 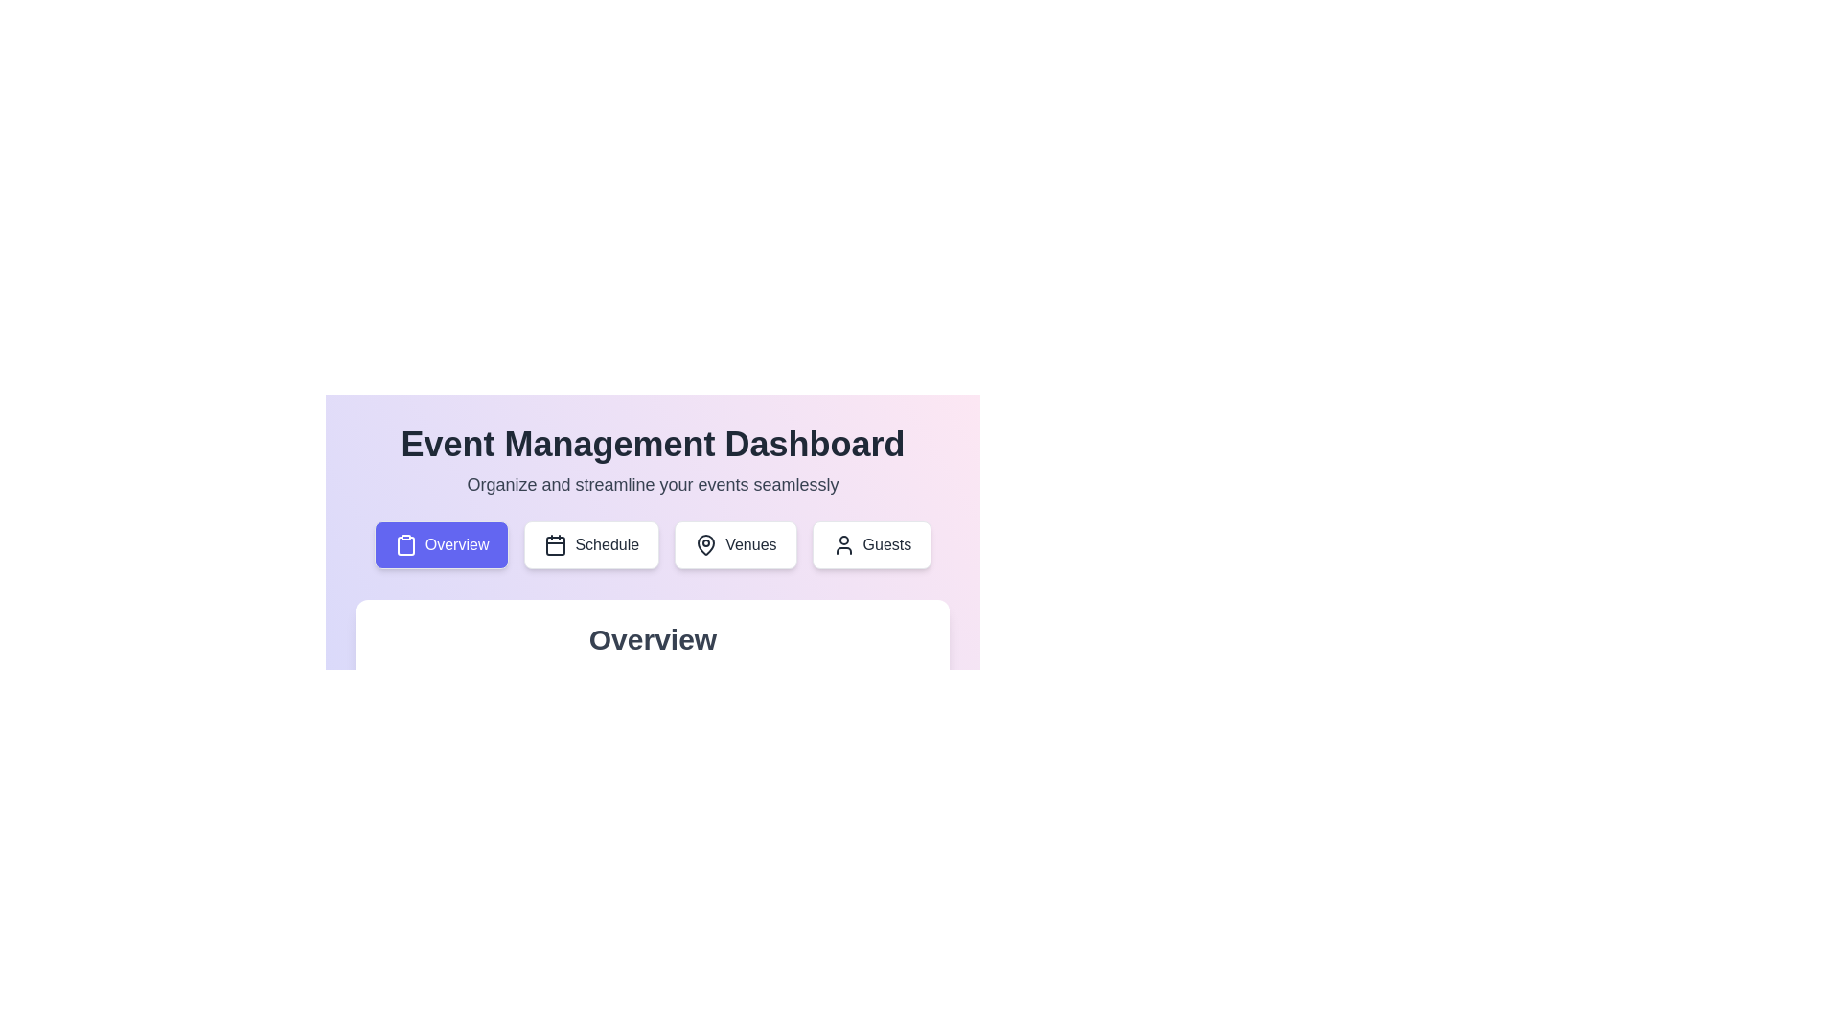 I want to click on the tab labeled Schedule to view its content, so click(x=591, y=545).